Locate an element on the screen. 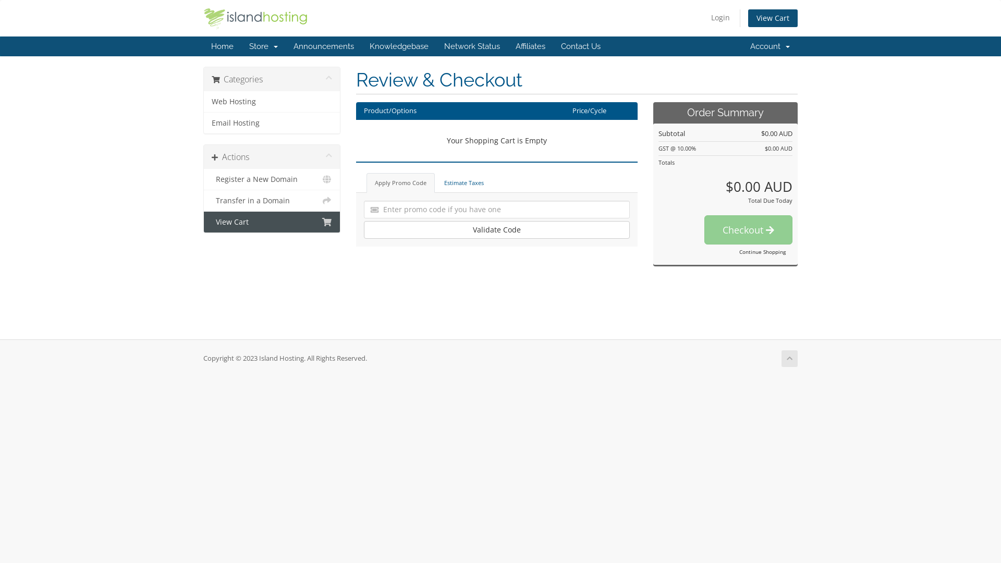  'Apply Promo Code' is located at coordinates (399, 182).